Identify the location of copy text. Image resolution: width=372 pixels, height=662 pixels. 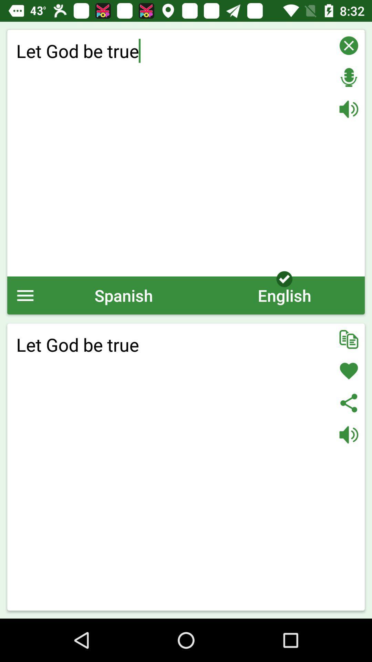
(349, 339).